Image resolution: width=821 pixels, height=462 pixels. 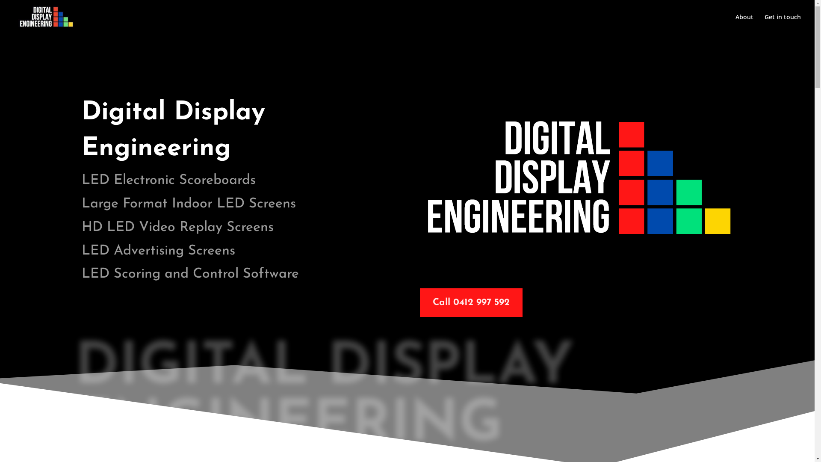 I want to click on 'About', so click(x=744, y=24).